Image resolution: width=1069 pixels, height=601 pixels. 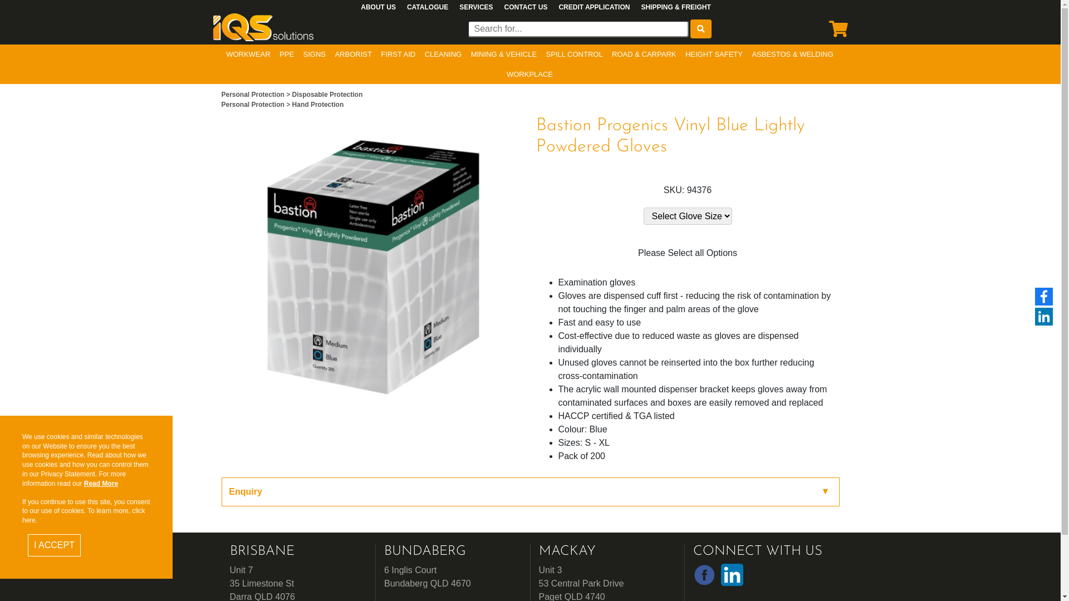 What do you see at coordinates (253, 105) in the screenshot?
I see `'Personal Protection'` at bounding box center [253, 105].